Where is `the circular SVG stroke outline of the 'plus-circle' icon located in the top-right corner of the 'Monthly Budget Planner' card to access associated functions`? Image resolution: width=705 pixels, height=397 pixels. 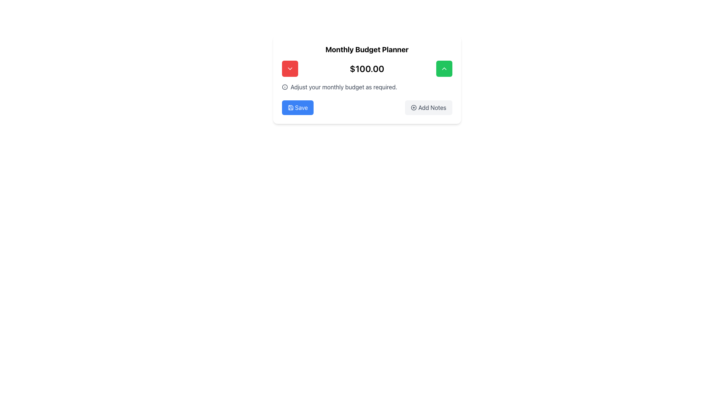
the circular SVG stroke outline of the 'plus-circle' icon located in the top-right corner of the 'Monthly Budget Planner' card to access associated functions is located at coordinates (414, 108).